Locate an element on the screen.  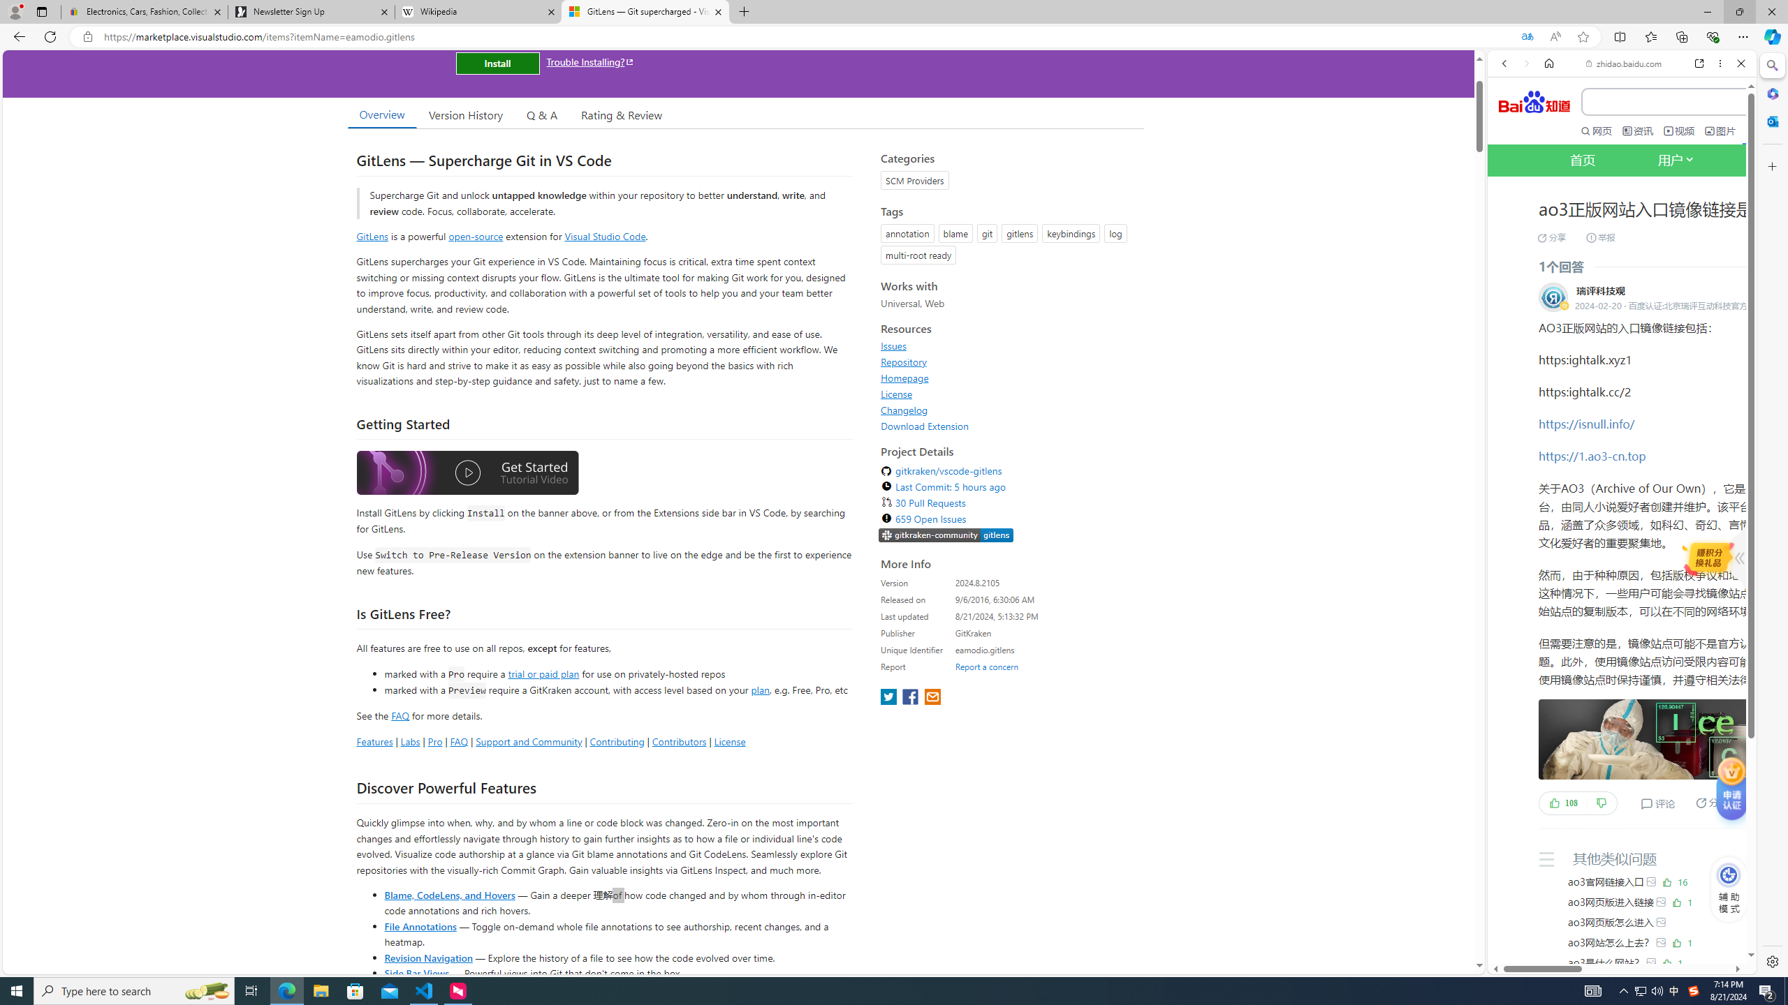
'Version History' is located at coordinates (464, 114).